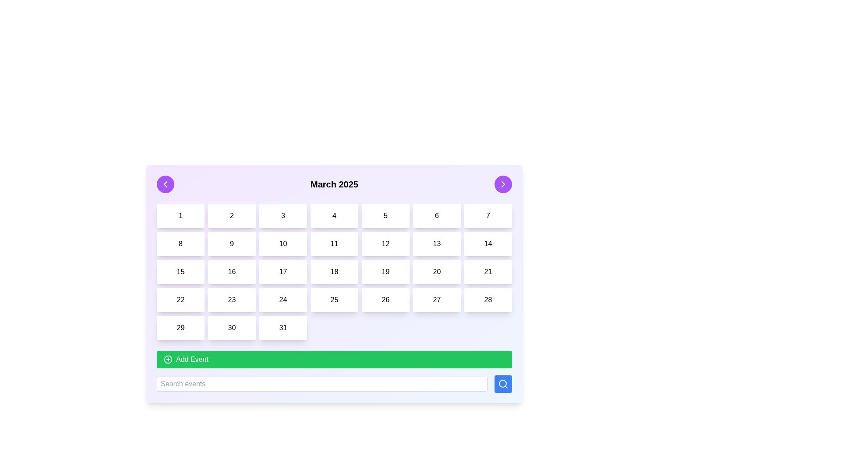  I want to click on the Calendar Day Cell displaying '3', so click(283, 216).